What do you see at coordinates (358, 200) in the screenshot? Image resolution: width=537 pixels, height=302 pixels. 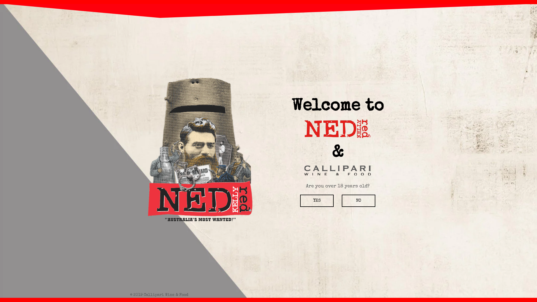 I see `'NO'` at bounding box center [358, 200].